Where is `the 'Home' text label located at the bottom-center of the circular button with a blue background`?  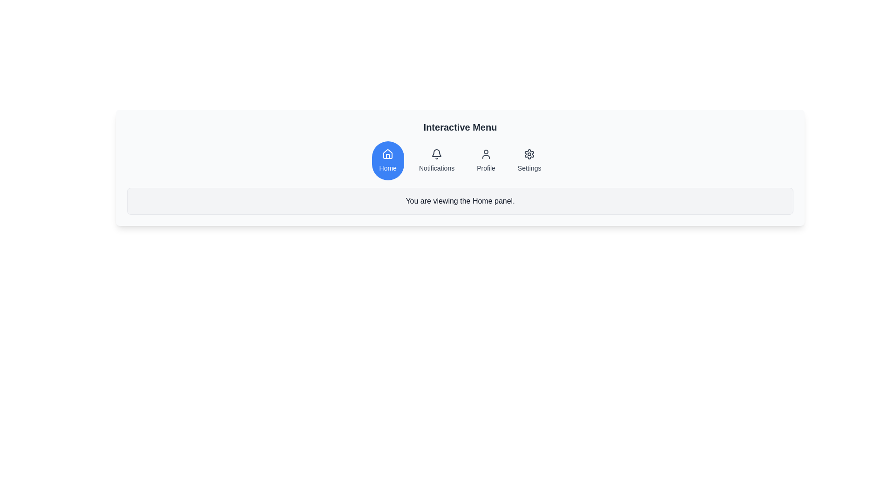 the 'Home' text label located at the bottom-center of the circular button with a blue background is located at coordinates (388, 168).